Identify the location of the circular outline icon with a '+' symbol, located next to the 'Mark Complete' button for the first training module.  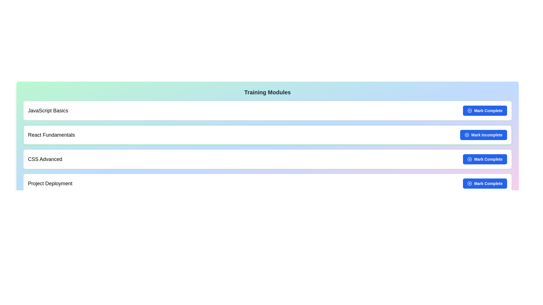
(469, 111).